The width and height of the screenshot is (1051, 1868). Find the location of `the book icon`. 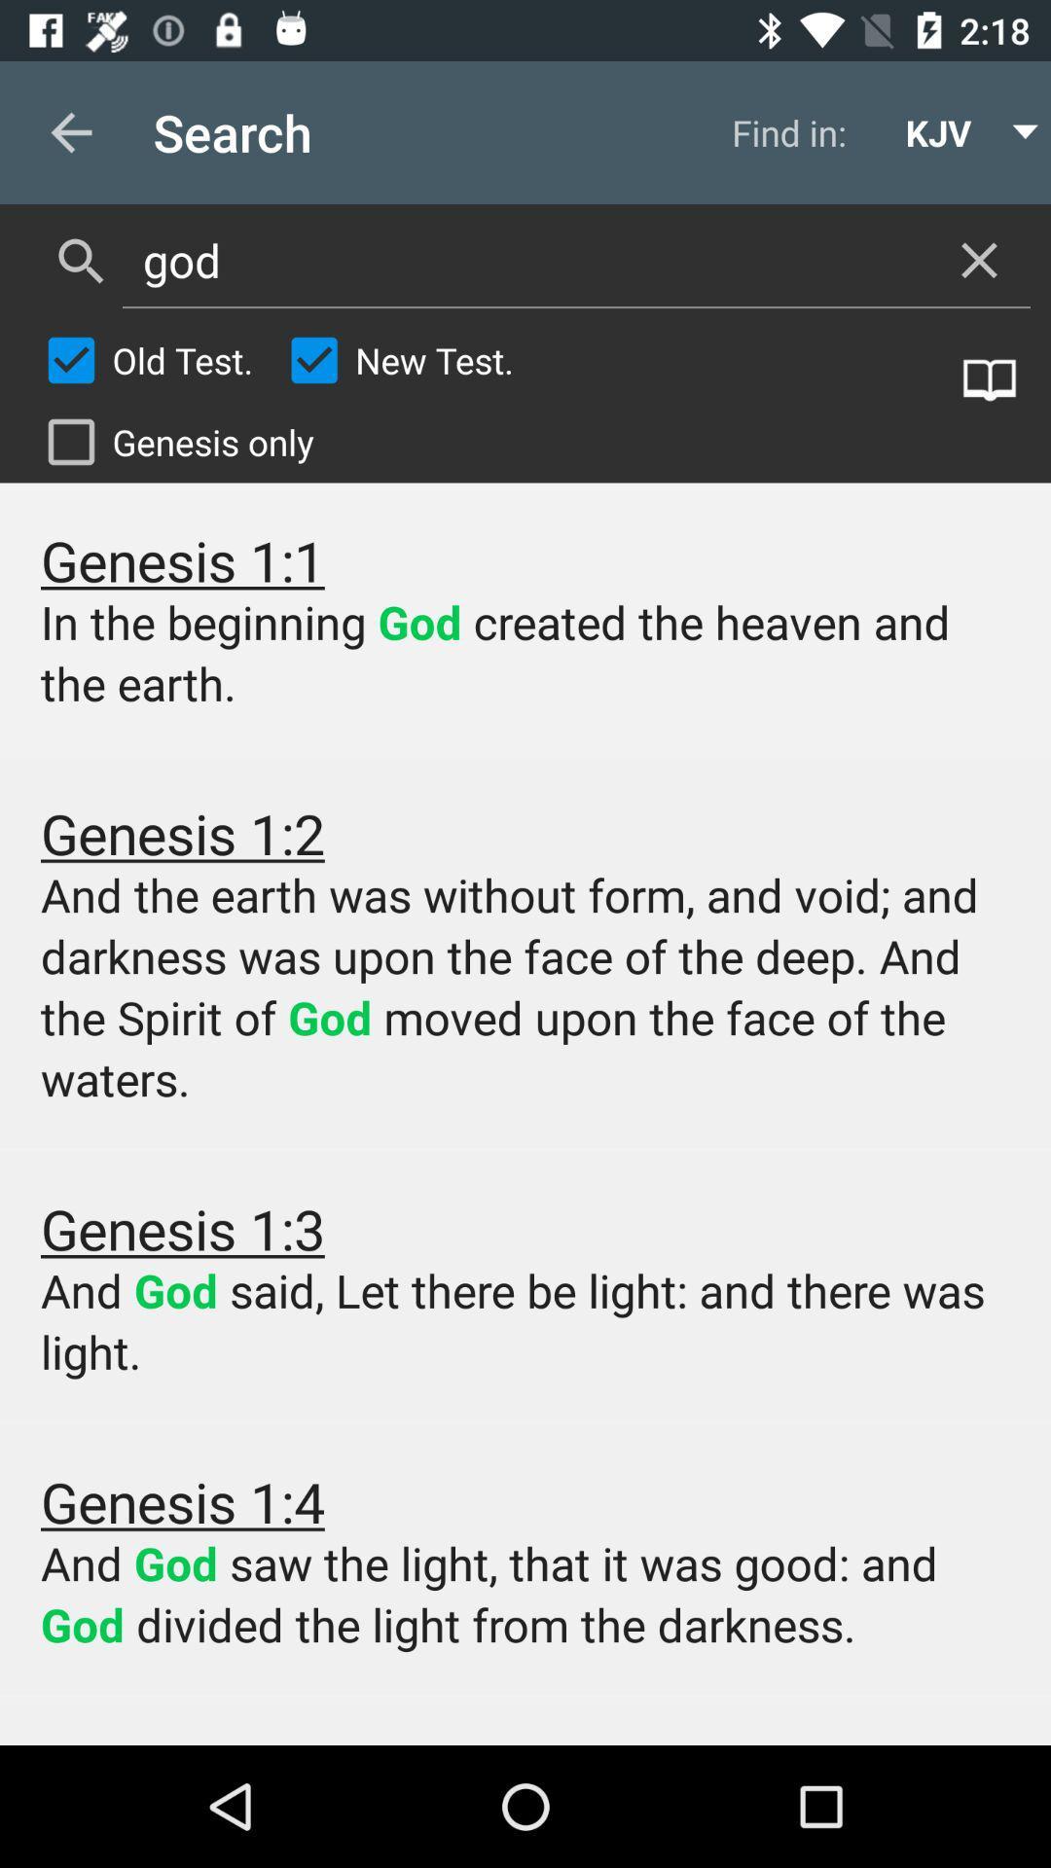

the book icon is located at coordinates (990, 380).